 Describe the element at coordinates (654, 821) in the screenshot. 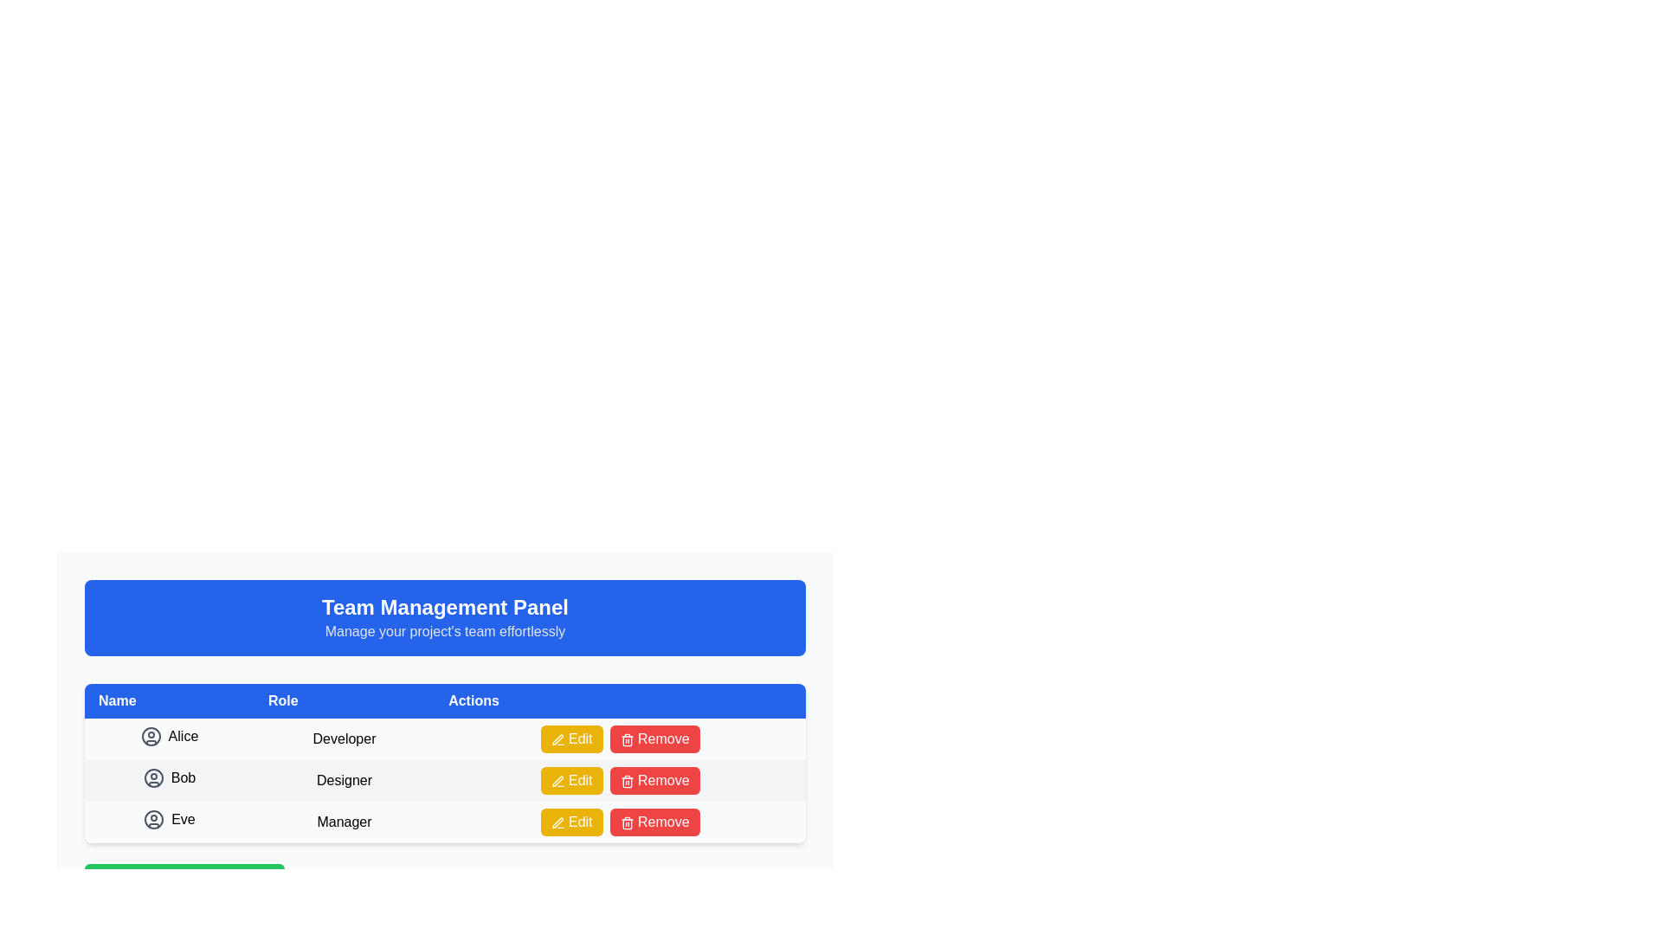

I see `the red 'Remove' button with white text and a trash icon, located in the third row under the 'Actions' column of the table` at that location.